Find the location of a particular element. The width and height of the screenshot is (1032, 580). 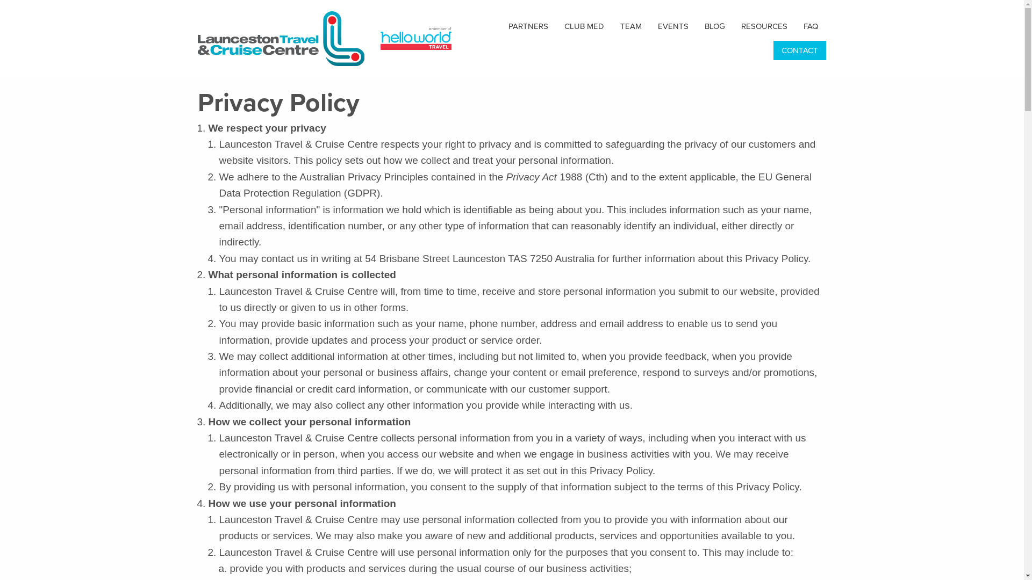

'CLUB MED' is located at coordinates (556, 26).